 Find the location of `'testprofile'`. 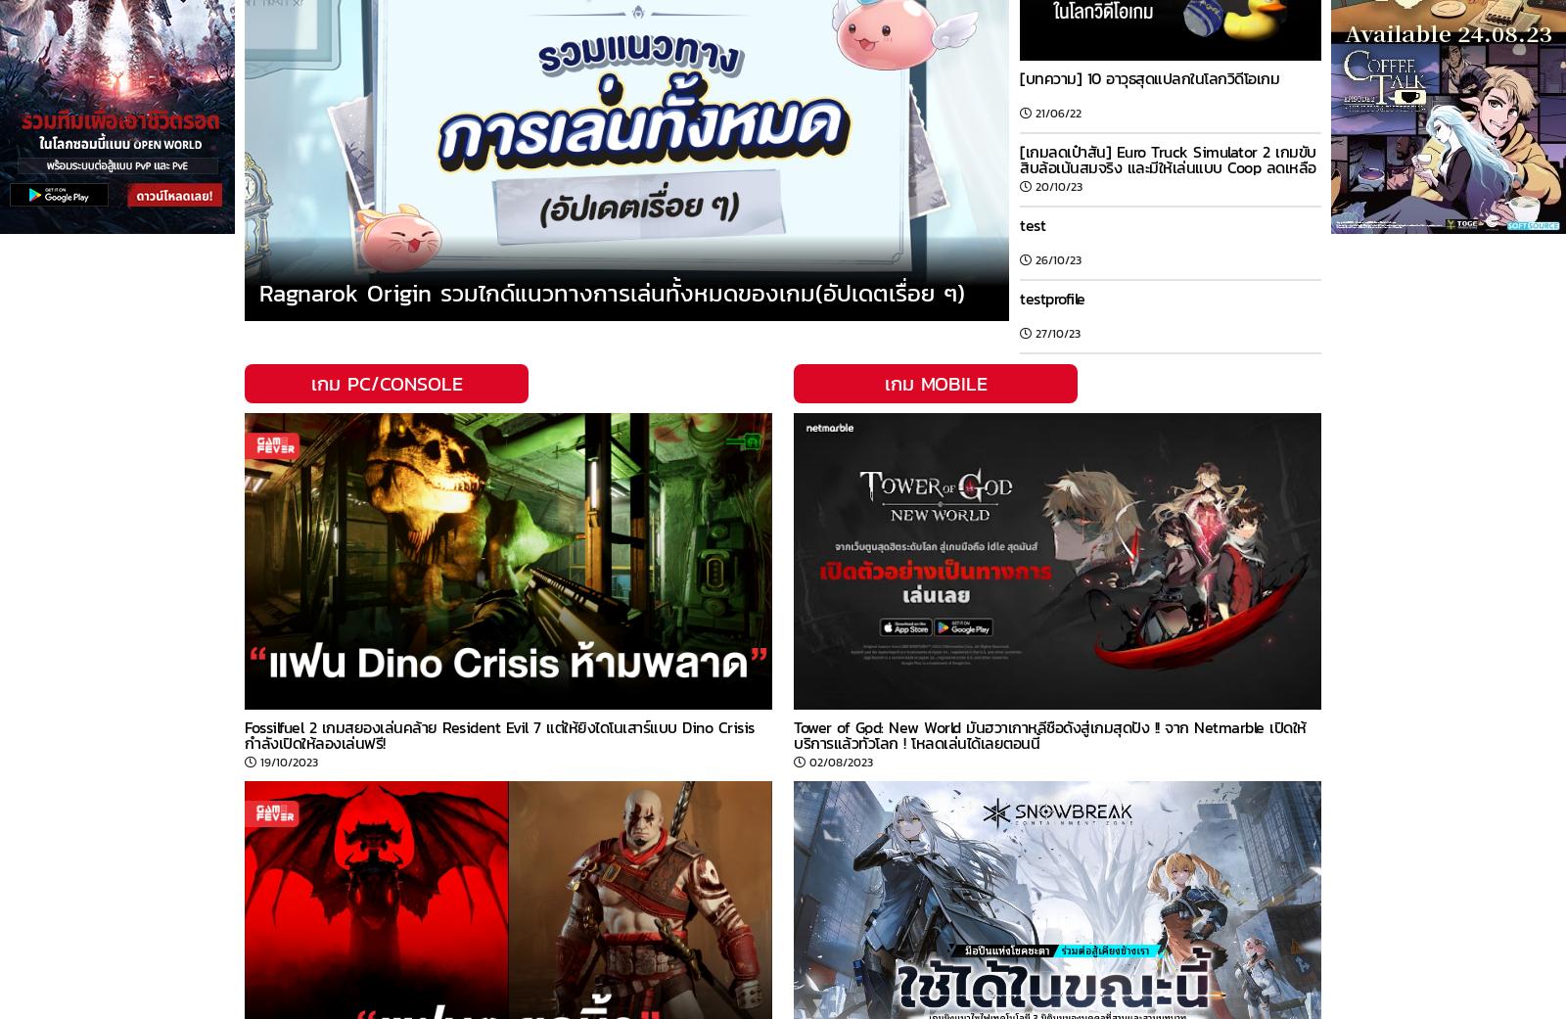

'testprofile' is located at coordinates (1019, 298).